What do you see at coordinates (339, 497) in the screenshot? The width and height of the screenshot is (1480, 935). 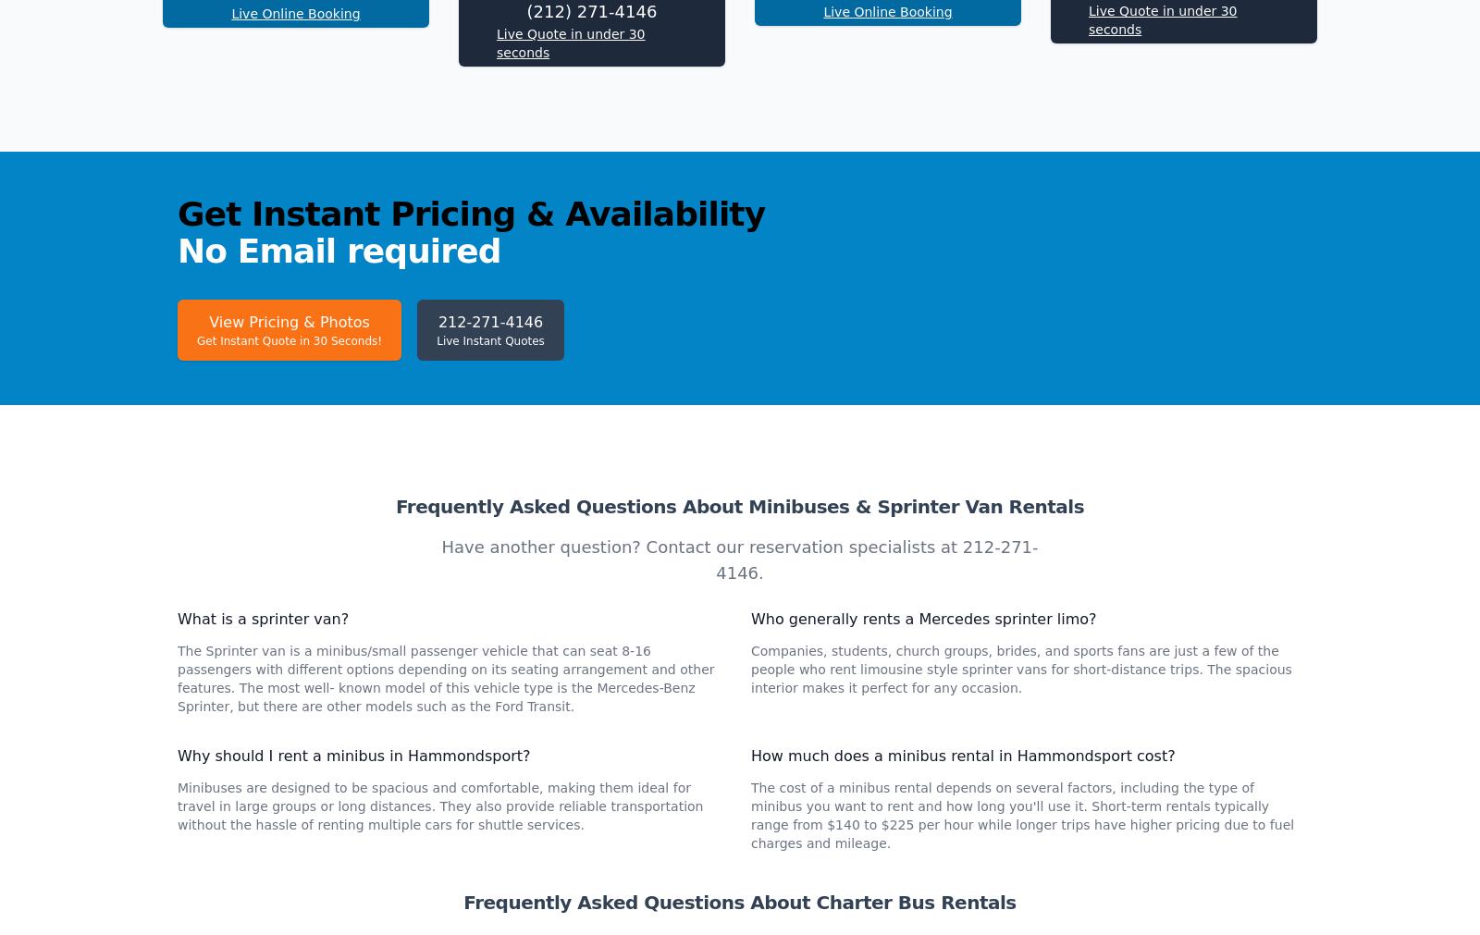 I see `'No Email required'` at bounding box center [339, 497].